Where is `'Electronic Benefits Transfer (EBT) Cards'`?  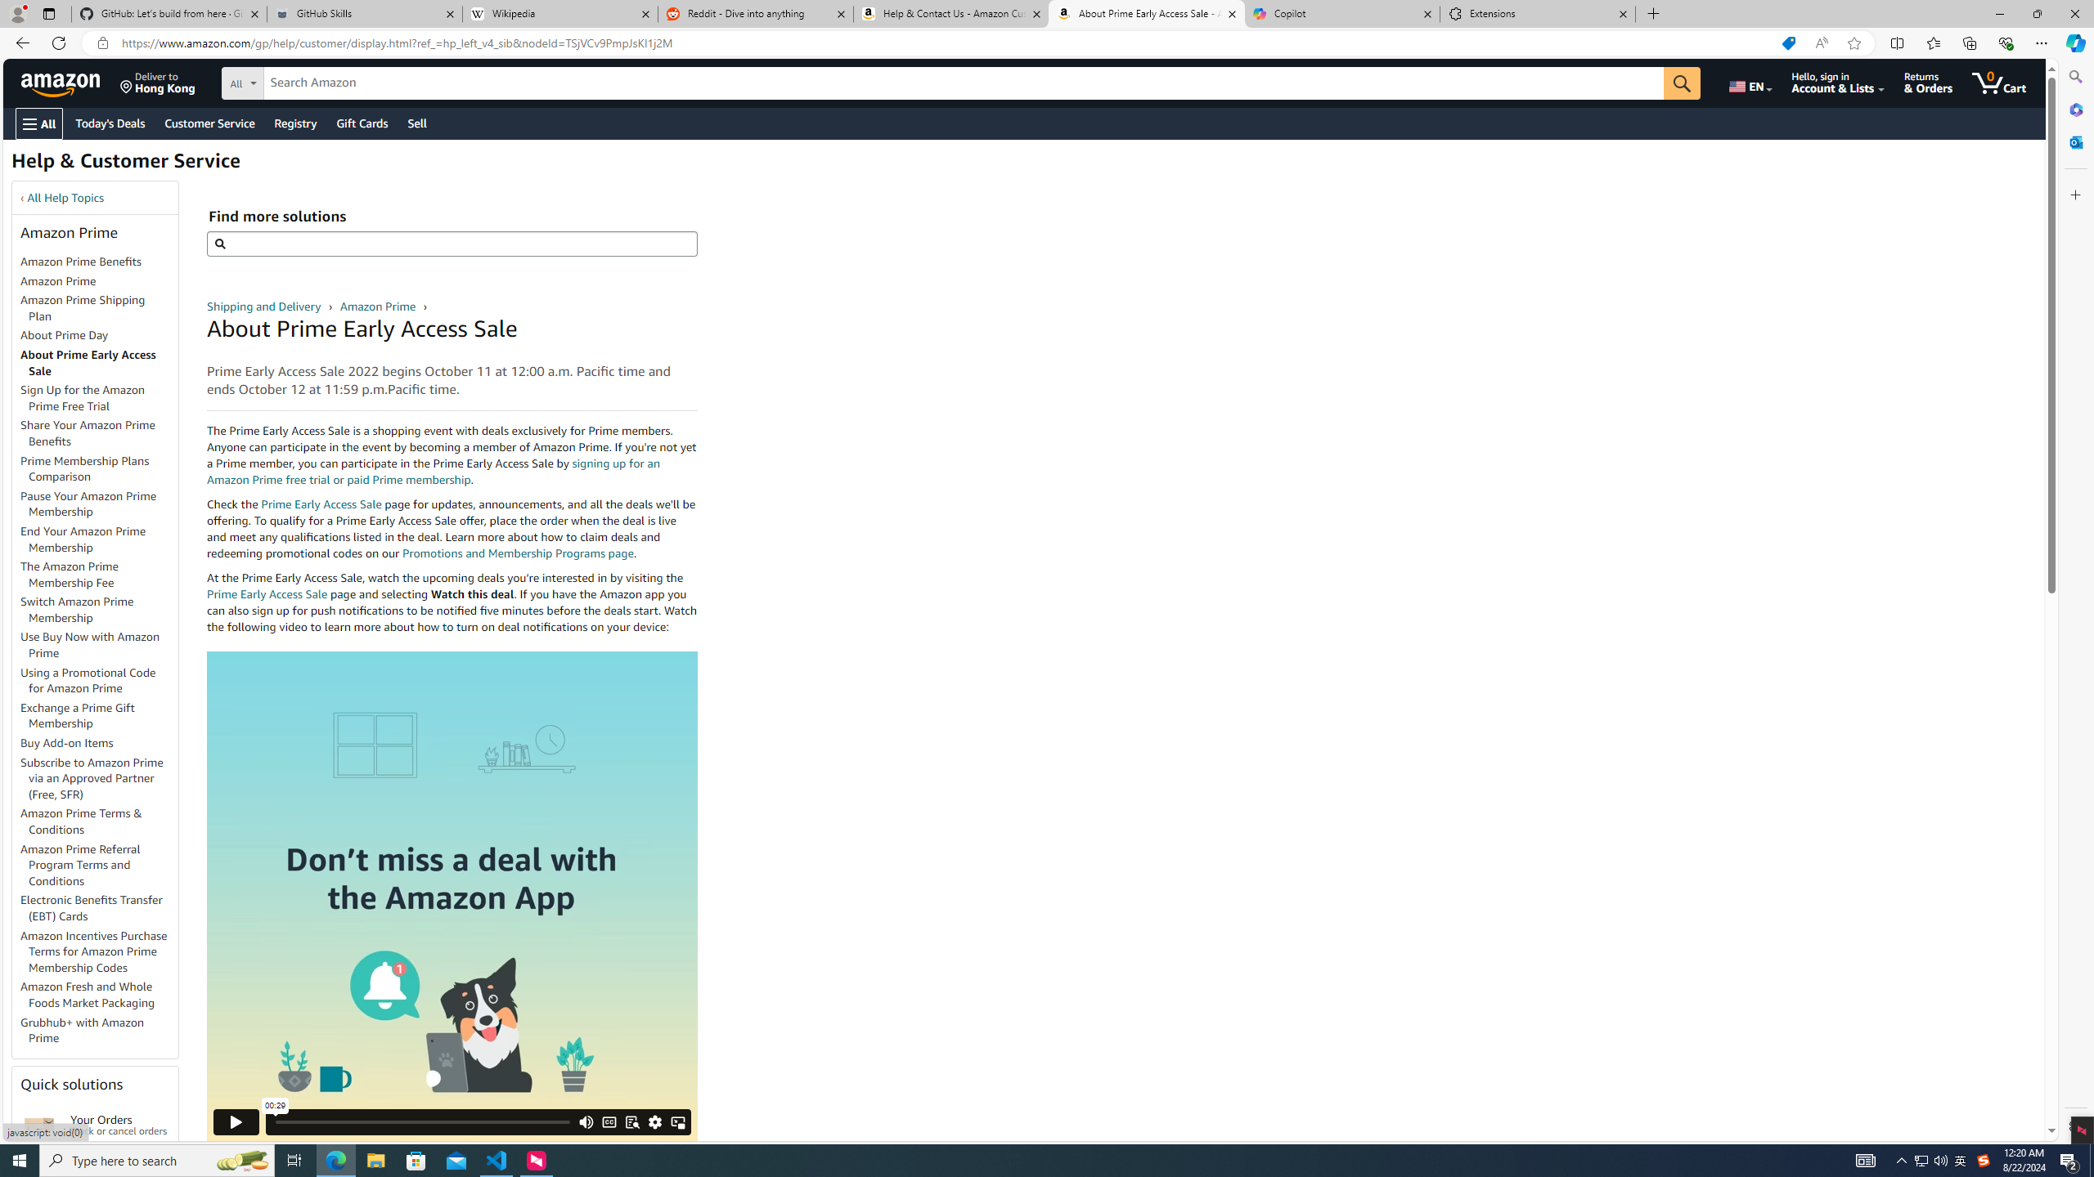 'Electronic Benefits Transfer (EBT) Cards' is located at coordinates (91, 907).